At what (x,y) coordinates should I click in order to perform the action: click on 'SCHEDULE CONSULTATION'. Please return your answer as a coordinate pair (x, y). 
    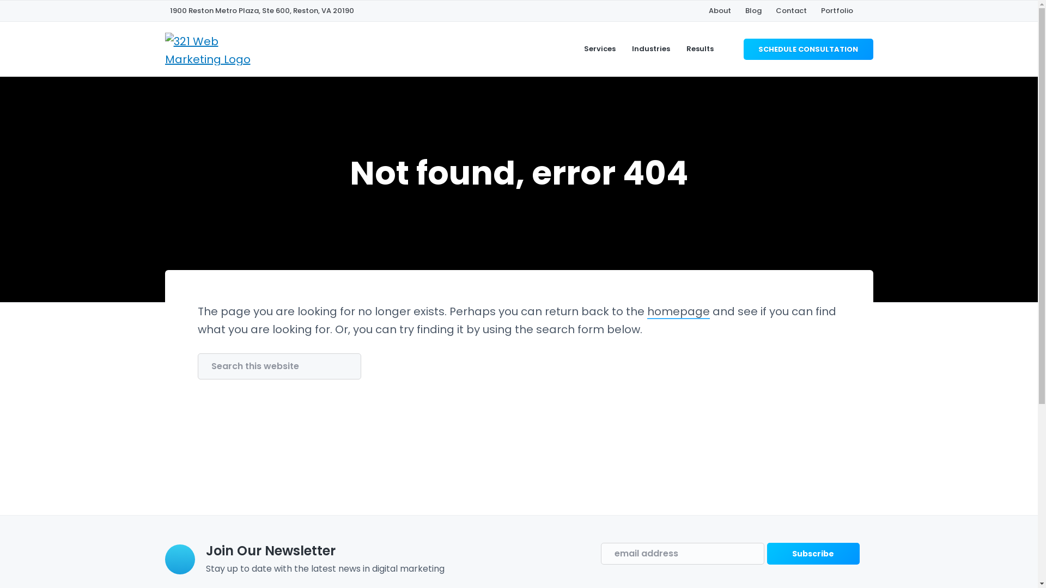
    Looking at the image, I should click on (743, 48).